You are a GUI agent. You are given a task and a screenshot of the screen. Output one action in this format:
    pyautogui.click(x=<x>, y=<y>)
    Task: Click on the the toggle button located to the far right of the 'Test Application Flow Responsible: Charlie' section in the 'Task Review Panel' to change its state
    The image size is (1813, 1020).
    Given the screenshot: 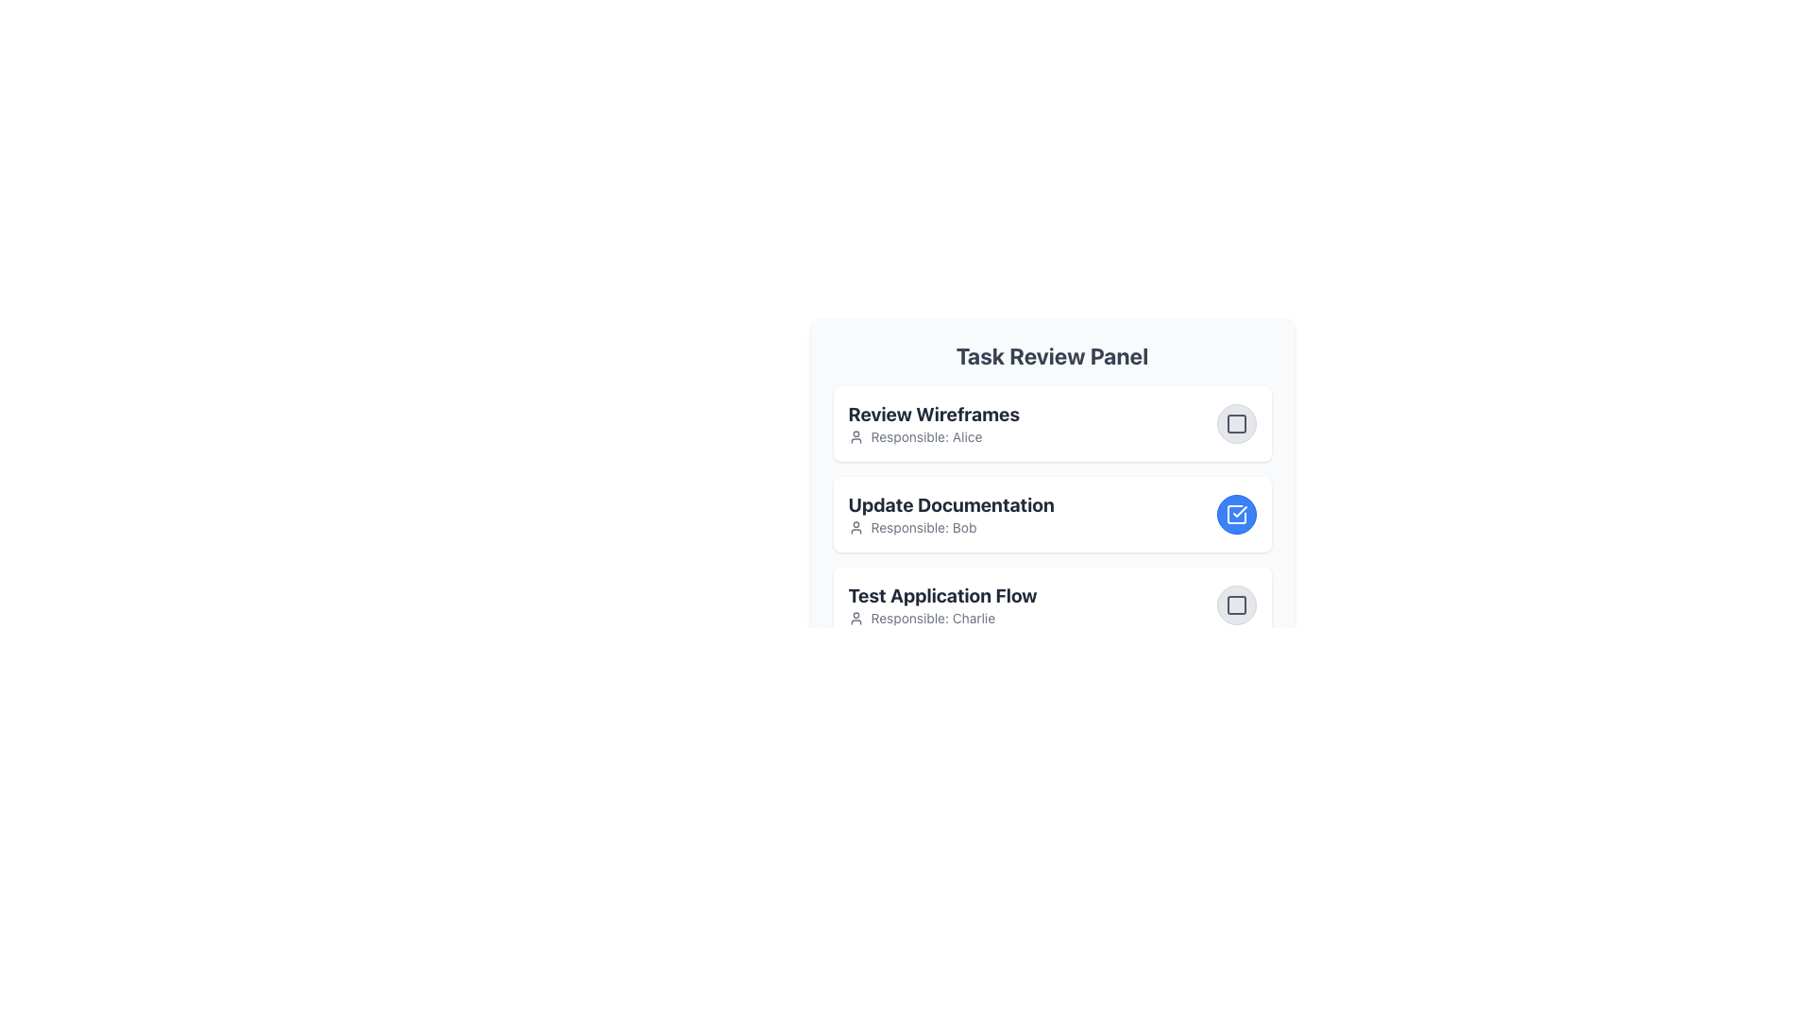 What is the action you would take?
    pyautogui.click(x=1236, y=604)
    